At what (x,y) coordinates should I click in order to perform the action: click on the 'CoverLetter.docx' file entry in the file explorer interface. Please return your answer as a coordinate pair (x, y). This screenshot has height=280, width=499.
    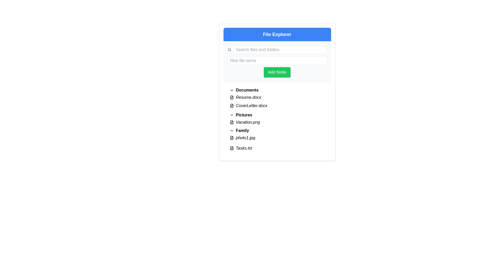
    Looking at the image, I should click on (277, 106).